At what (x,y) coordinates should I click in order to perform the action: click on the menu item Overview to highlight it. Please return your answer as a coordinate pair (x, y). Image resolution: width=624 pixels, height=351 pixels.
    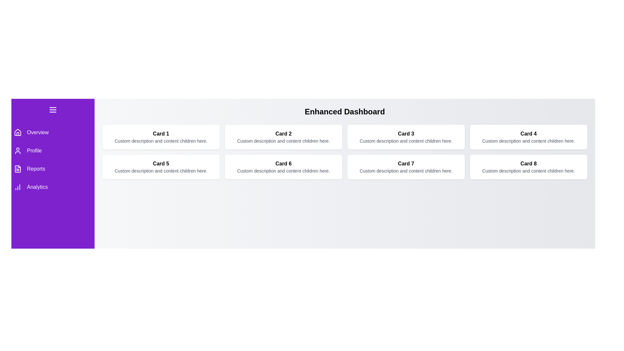
    Looking at the image, I should click on (53, 132).